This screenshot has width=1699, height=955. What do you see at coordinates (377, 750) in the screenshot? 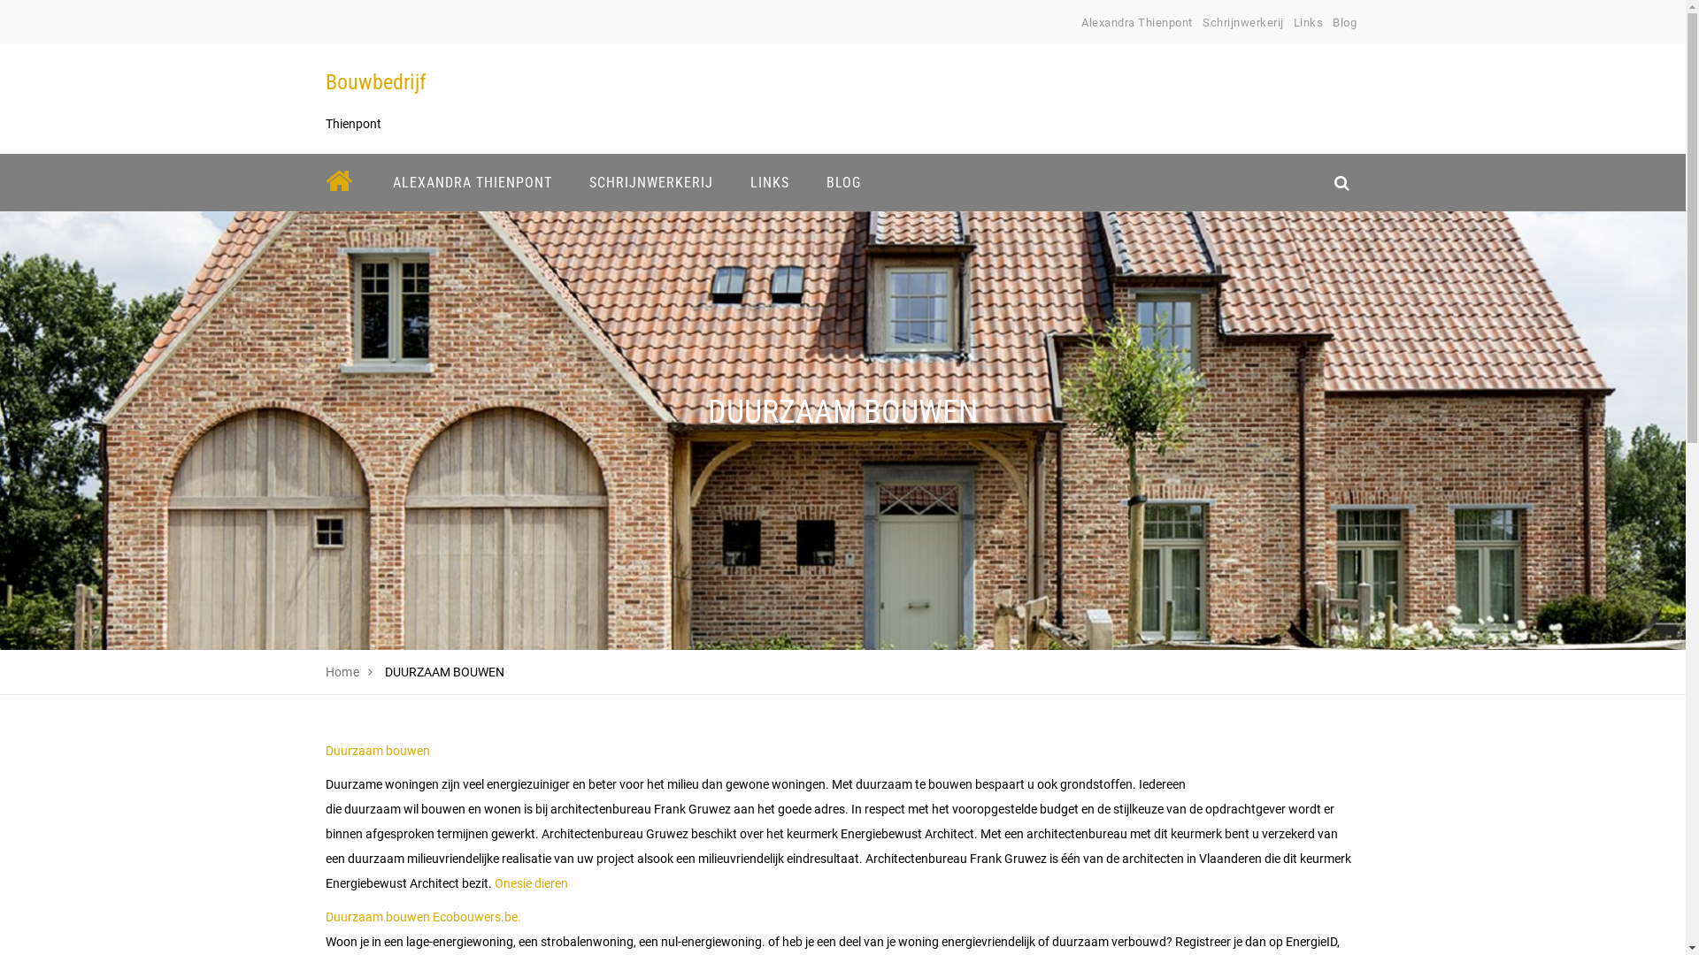
I see `'Duurzaam bouwen'` at bounding box center [377, 750].